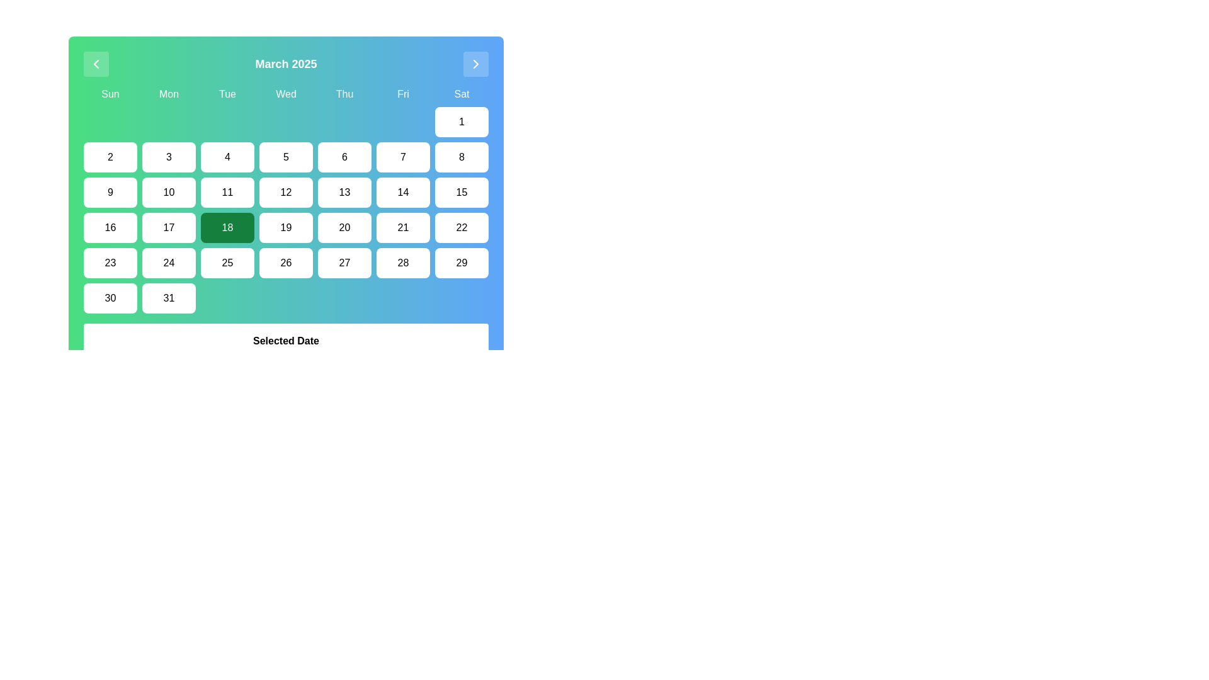  I want to click on the bold text label displaying 'Selected Date', which is positioned above the sibling text 'Tue Mar 18 2025', so click(285, 341).